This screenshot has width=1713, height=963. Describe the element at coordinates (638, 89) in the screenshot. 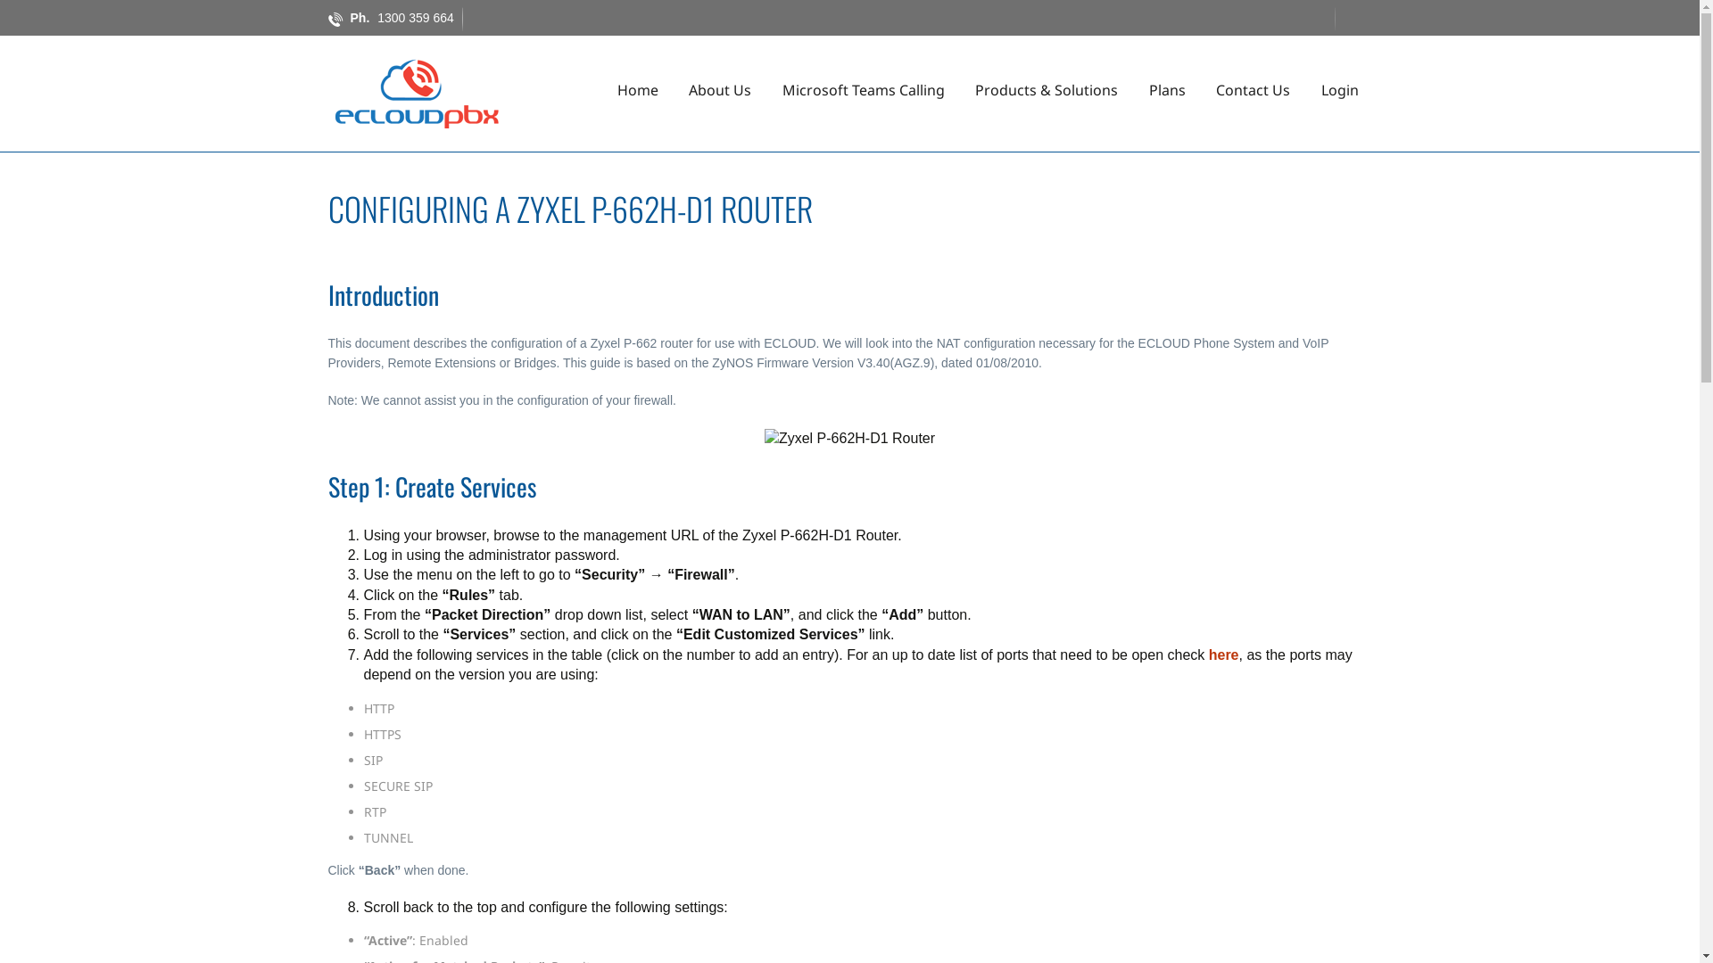

I see `'Home'` at that location.